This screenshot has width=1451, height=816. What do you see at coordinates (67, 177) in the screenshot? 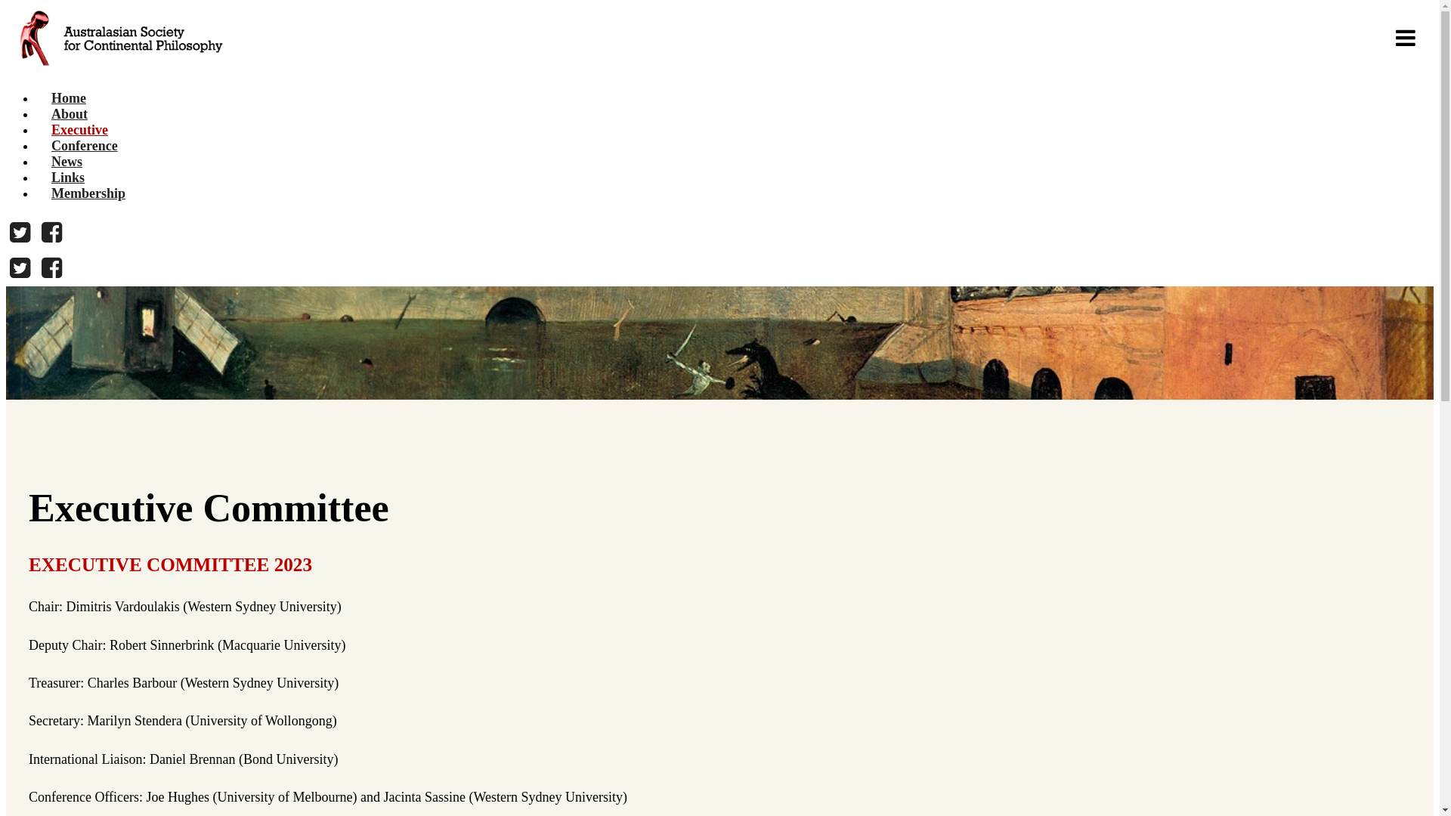
I see `'Links'` at bounding box center [67, 177].